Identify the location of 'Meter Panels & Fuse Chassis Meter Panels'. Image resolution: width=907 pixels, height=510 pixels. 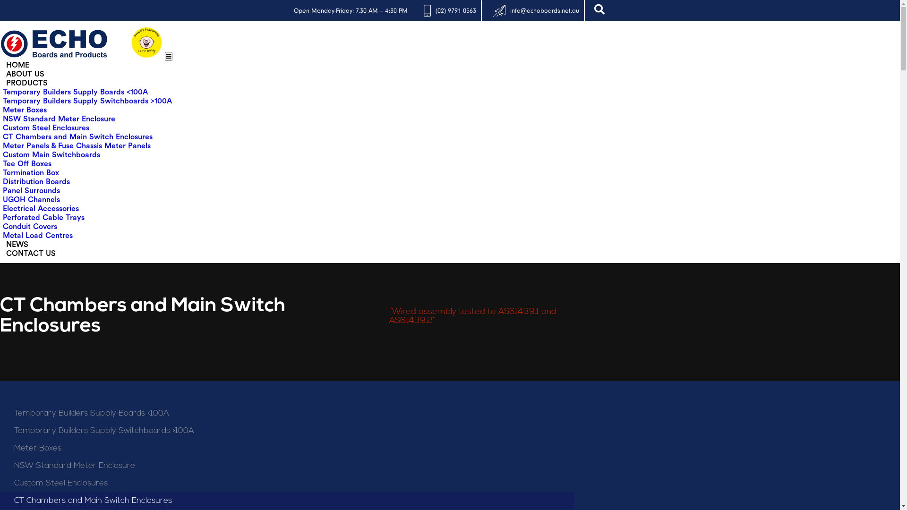
(77, 145).